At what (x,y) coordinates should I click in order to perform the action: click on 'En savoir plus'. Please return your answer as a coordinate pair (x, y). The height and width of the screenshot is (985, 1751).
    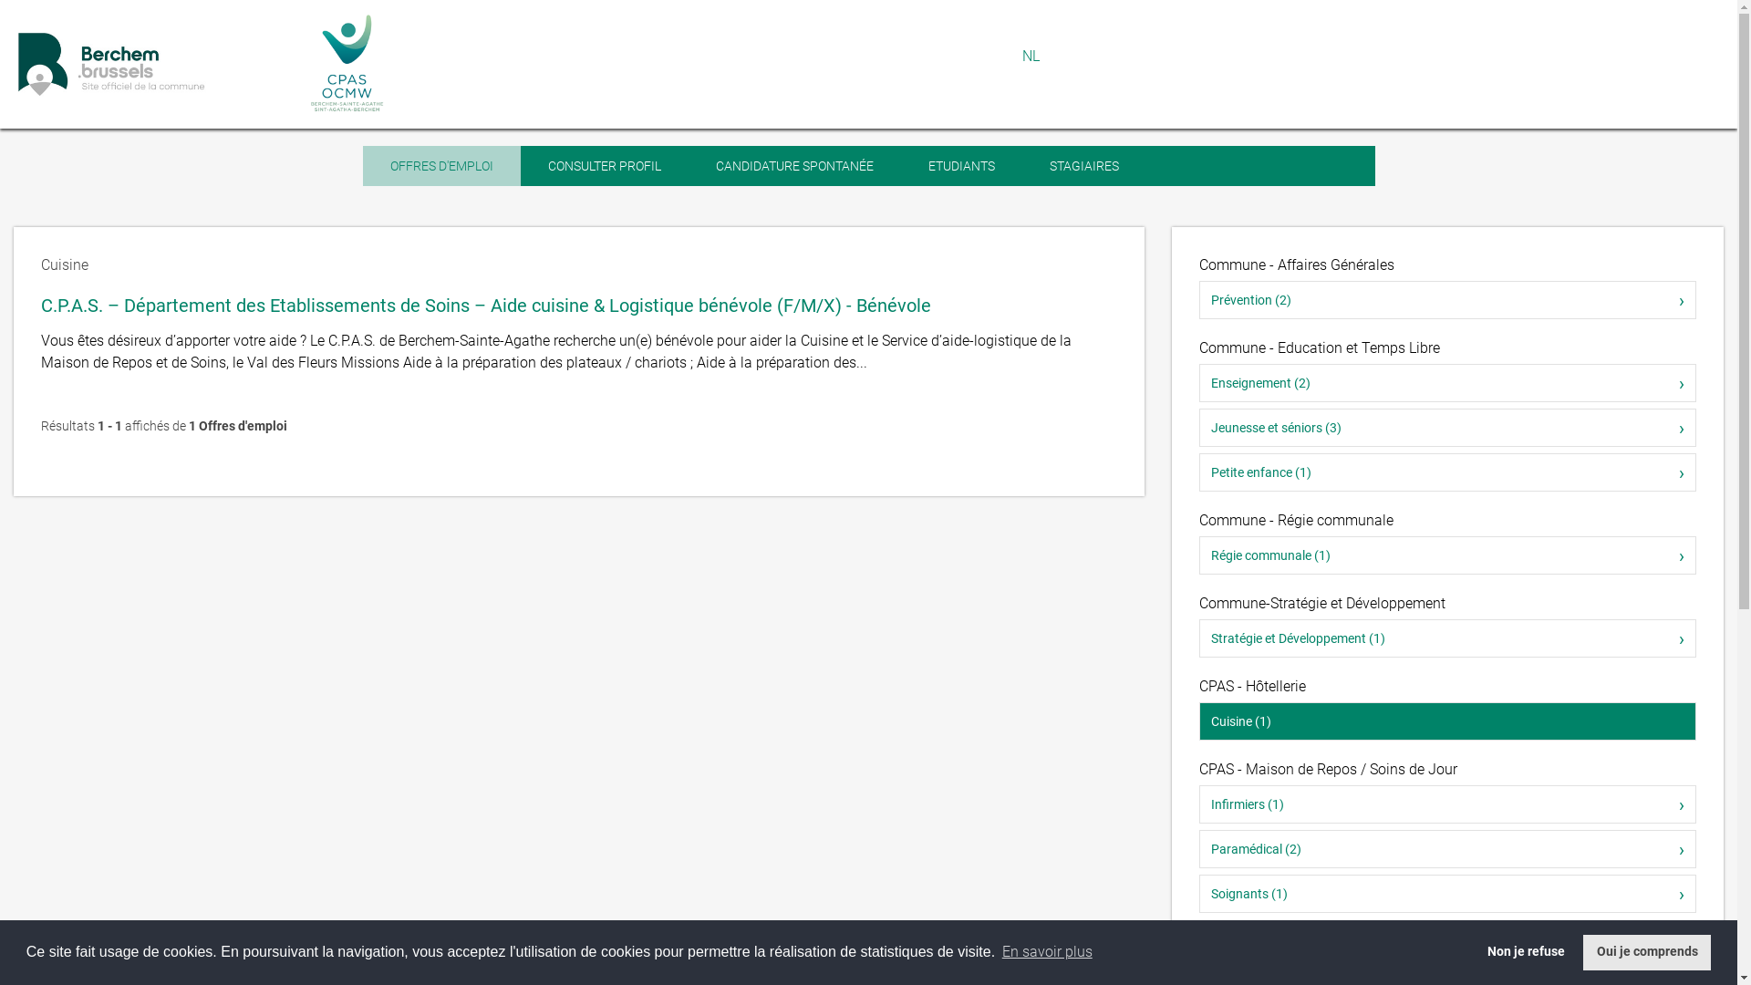
    Looking at the image, I should click on (1047, 951).